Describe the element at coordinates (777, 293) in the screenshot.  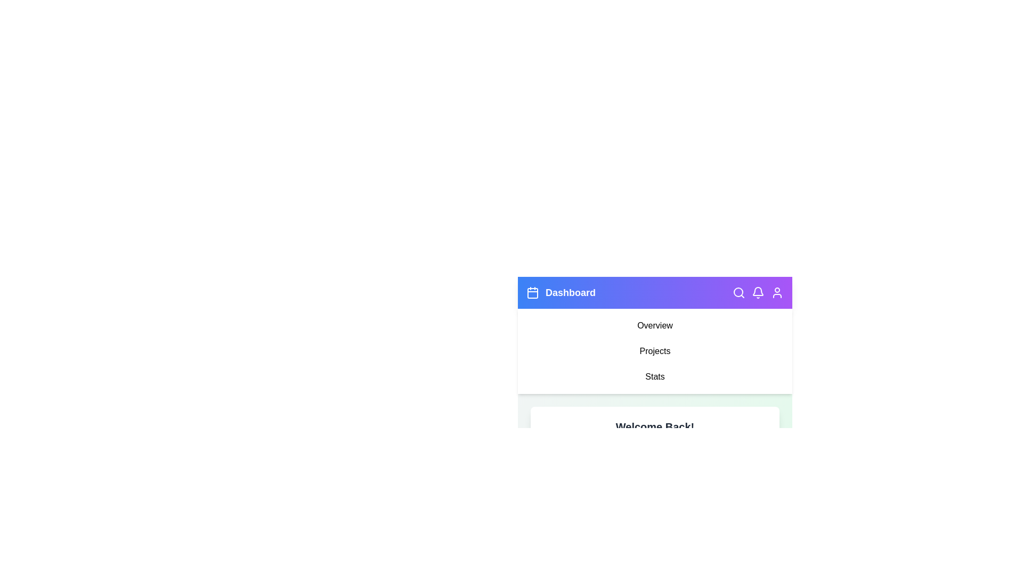
I see `the user icon button to toggle the user menu visibility` at that location.